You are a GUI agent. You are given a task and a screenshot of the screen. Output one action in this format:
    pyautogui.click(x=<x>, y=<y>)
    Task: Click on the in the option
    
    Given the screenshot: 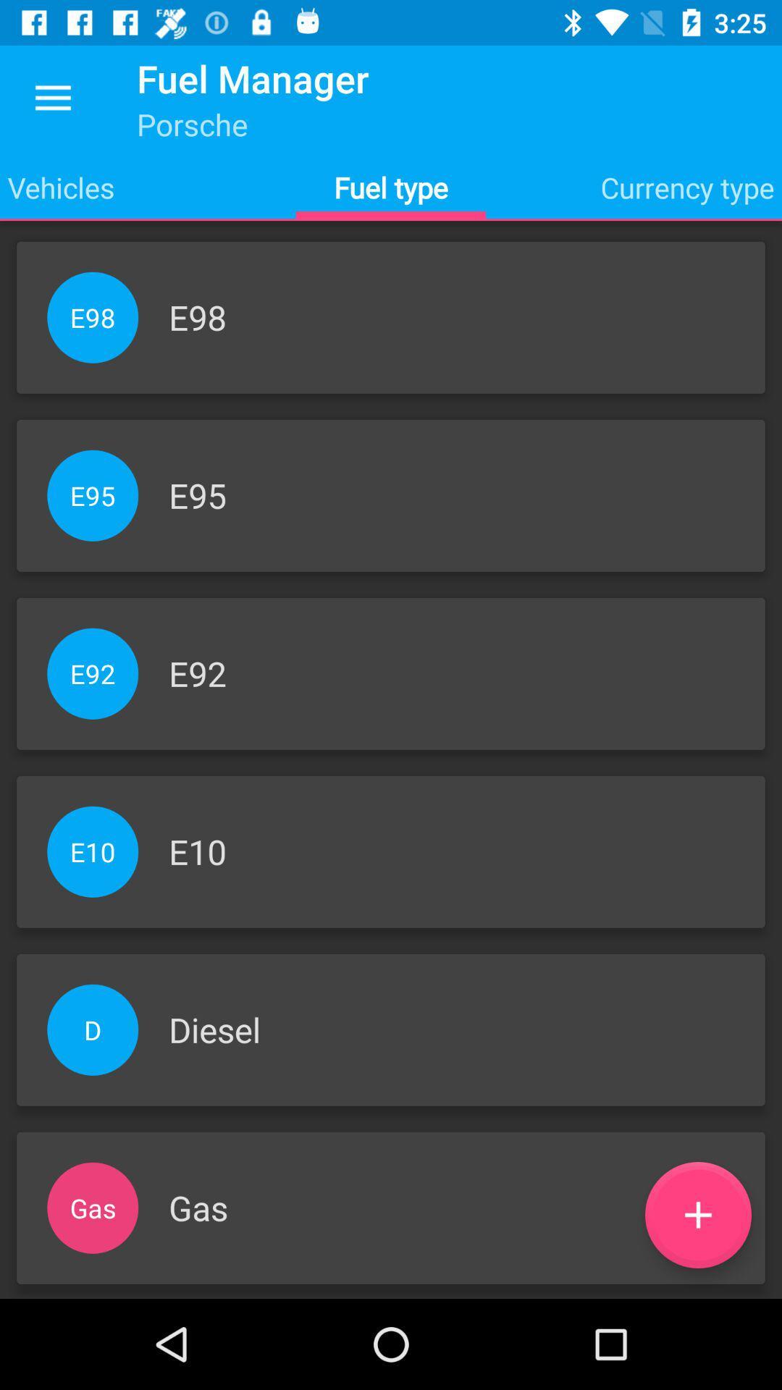 What is the action you would take?
    pyautogui.click(x=697, y=1215)
    